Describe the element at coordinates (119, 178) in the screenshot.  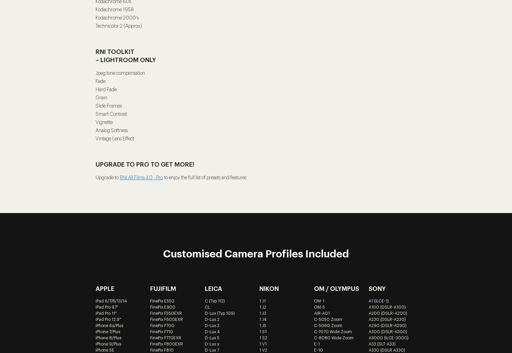
I see `'RNI All Films 4.0 - Pro'` at that location.